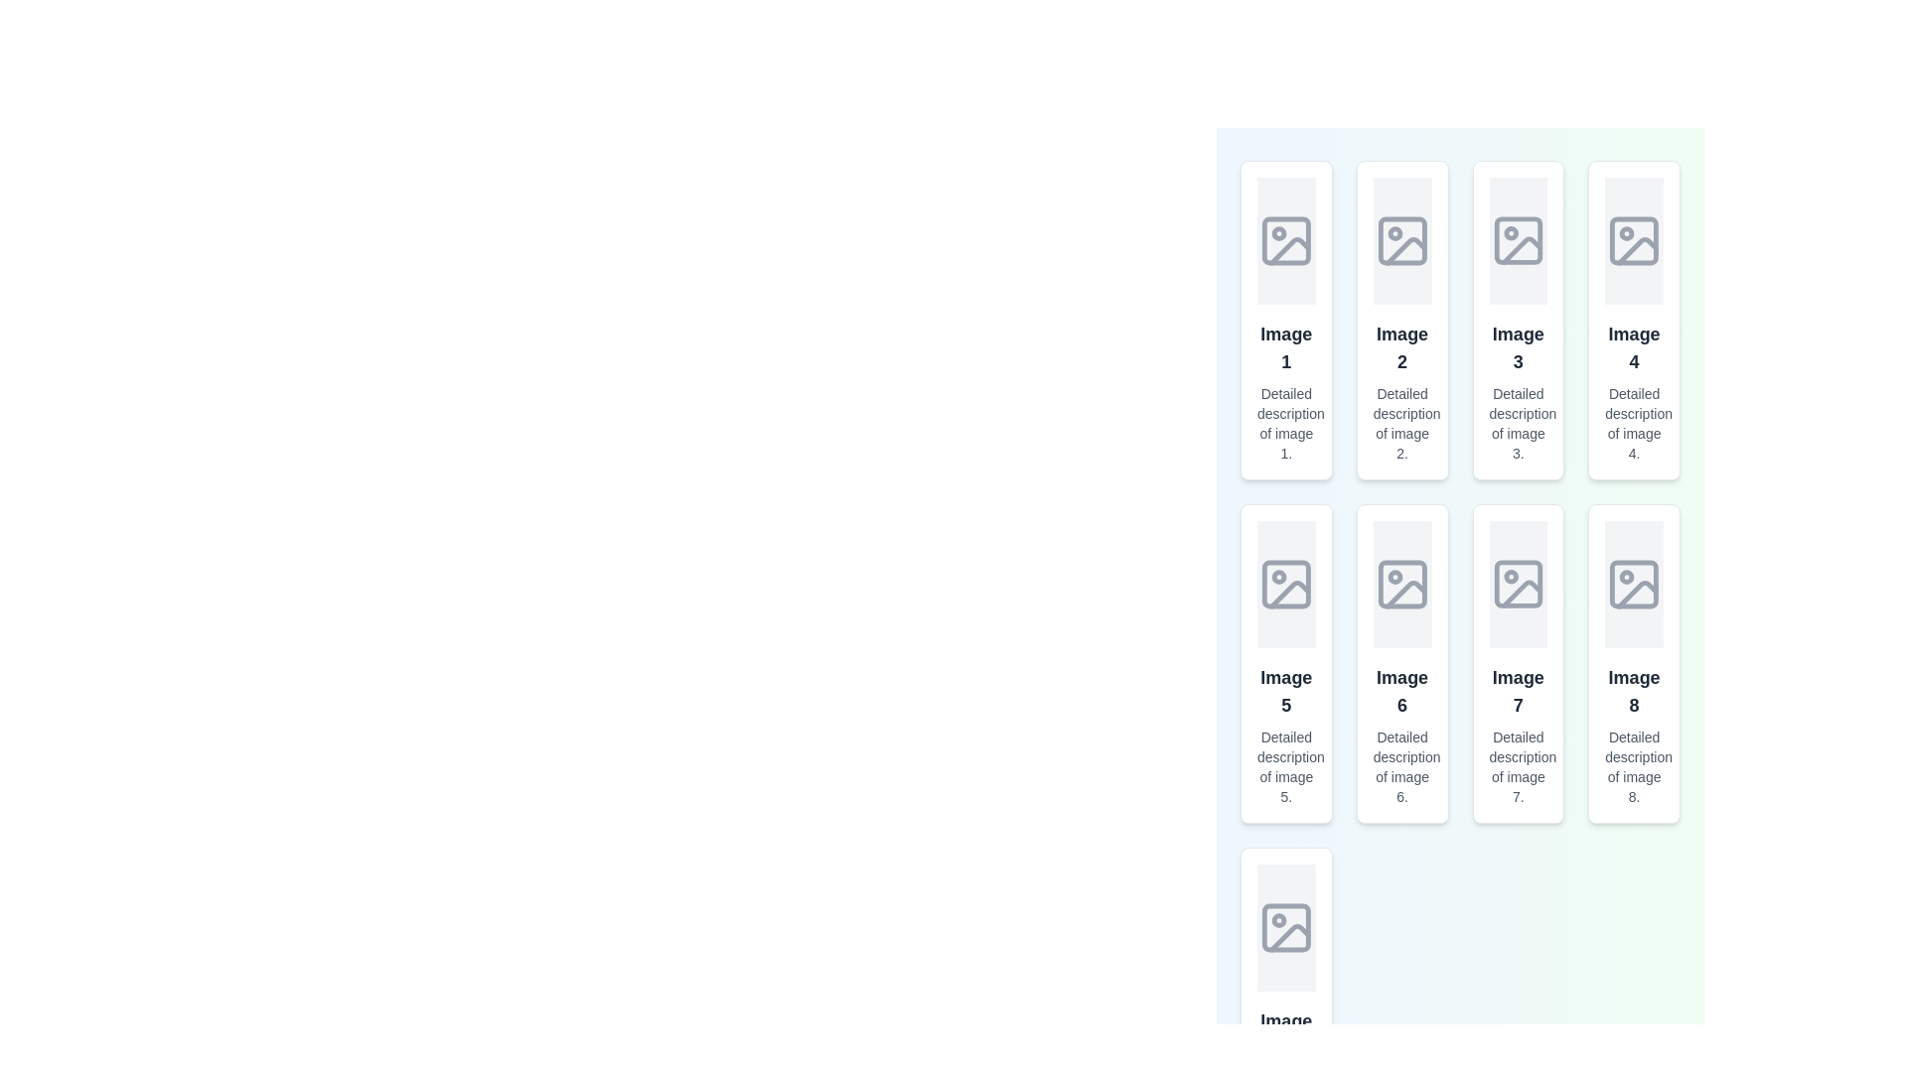  What do you see at coordinates (1286, 663) in the screenshot?
I see `the card positioned in the second row, first column of the grid layout, which provides an overview or selectable item` at bounding box center [1286, 663].